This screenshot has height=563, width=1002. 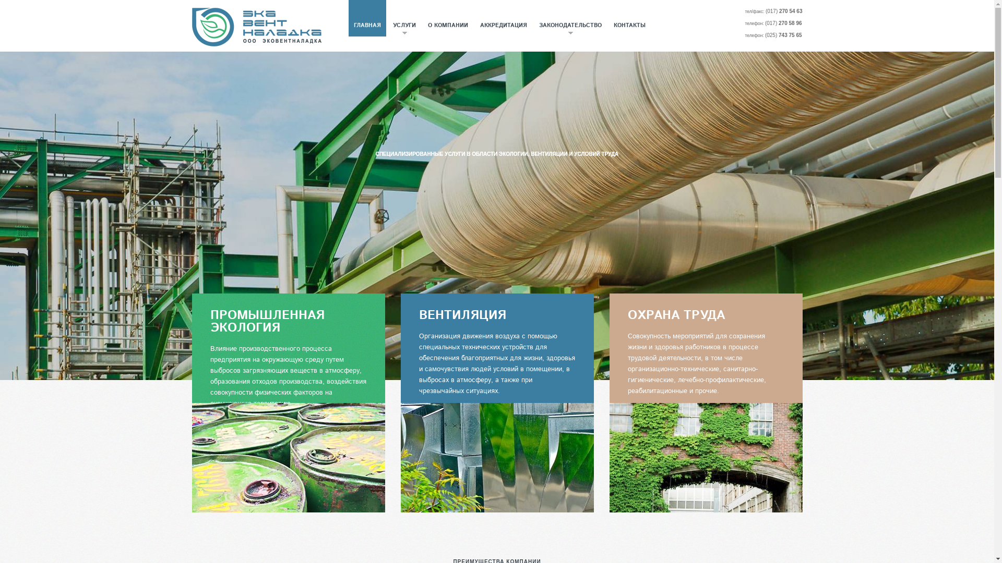 I want to click on 'Evn', so click(x=257, y=26).